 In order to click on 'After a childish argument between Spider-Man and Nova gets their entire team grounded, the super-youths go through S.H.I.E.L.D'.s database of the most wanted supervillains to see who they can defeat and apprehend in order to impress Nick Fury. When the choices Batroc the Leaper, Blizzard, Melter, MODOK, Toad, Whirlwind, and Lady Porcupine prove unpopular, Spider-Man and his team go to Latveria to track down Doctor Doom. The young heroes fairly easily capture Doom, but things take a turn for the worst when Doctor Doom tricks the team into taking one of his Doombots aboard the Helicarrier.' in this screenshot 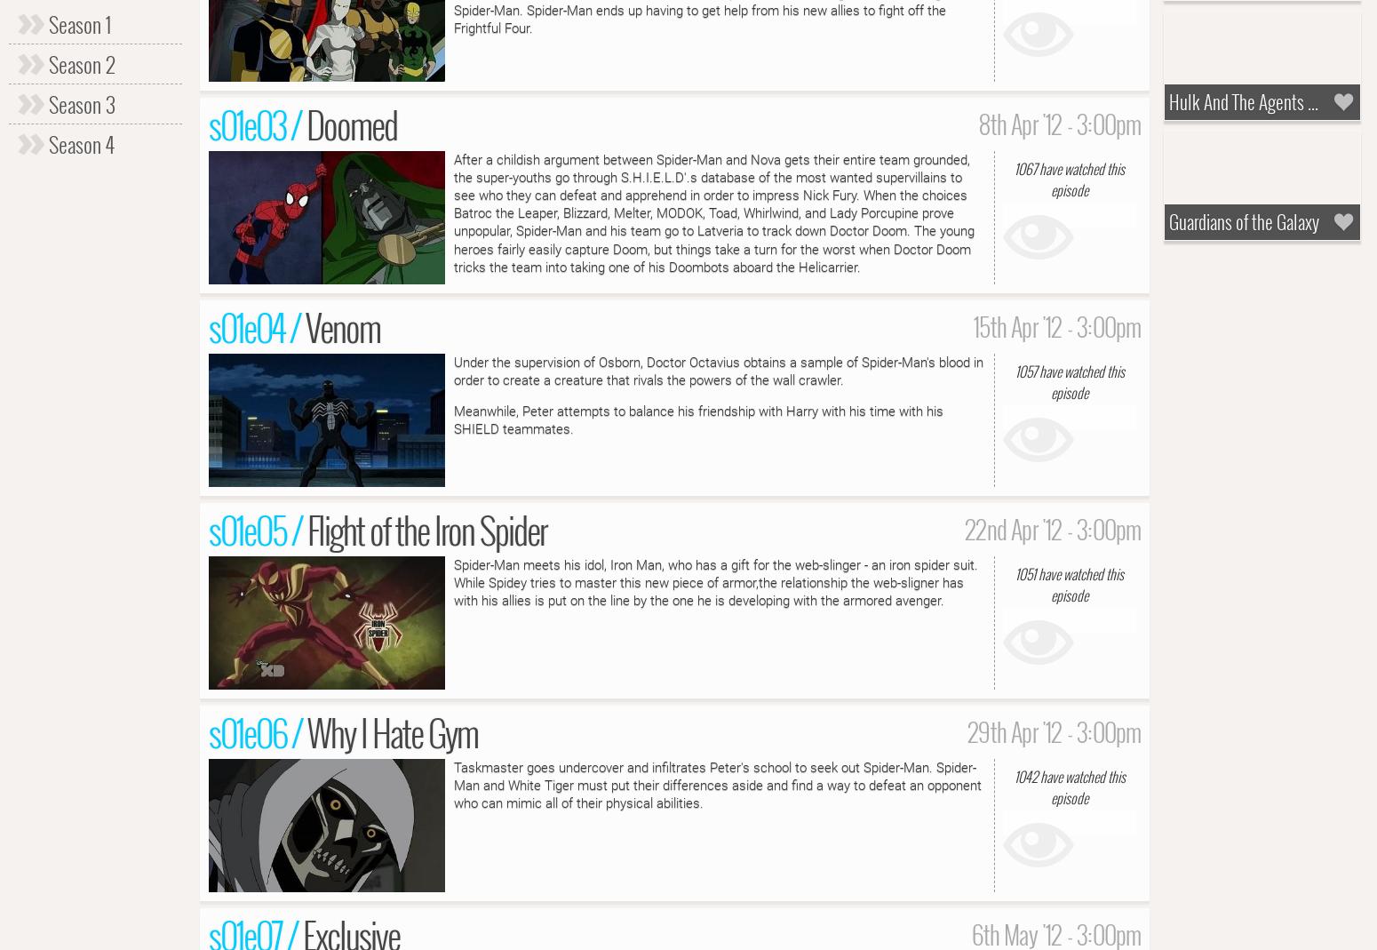, I will do `click(712, 212)`.